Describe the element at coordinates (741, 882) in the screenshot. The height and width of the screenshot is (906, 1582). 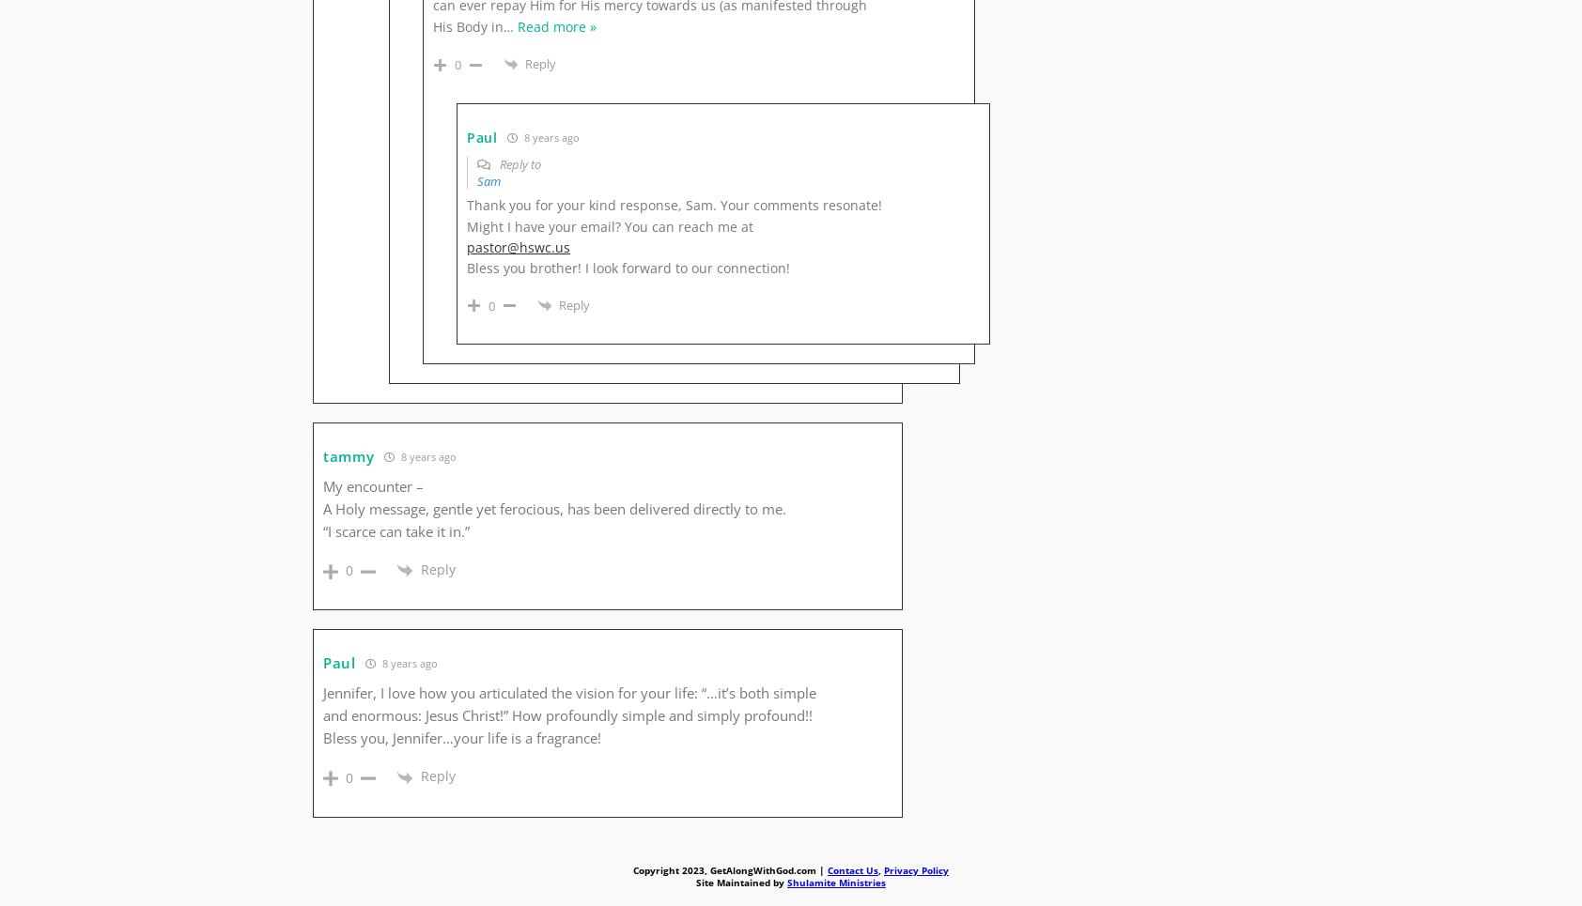
I see `'Site Maintained by'` at that location.